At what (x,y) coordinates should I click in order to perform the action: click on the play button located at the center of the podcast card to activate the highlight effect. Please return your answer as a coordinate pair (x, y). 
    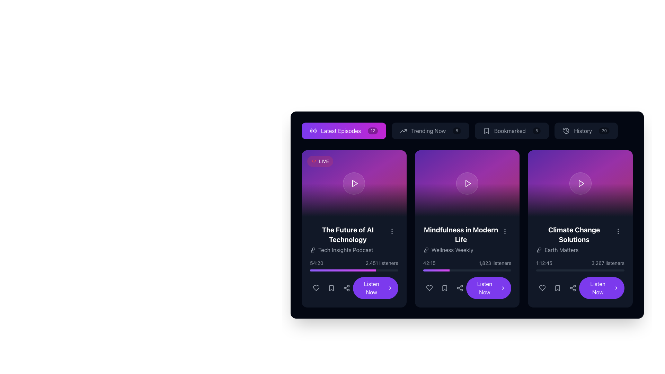
    Looking at the image, I should click on (580, 183).